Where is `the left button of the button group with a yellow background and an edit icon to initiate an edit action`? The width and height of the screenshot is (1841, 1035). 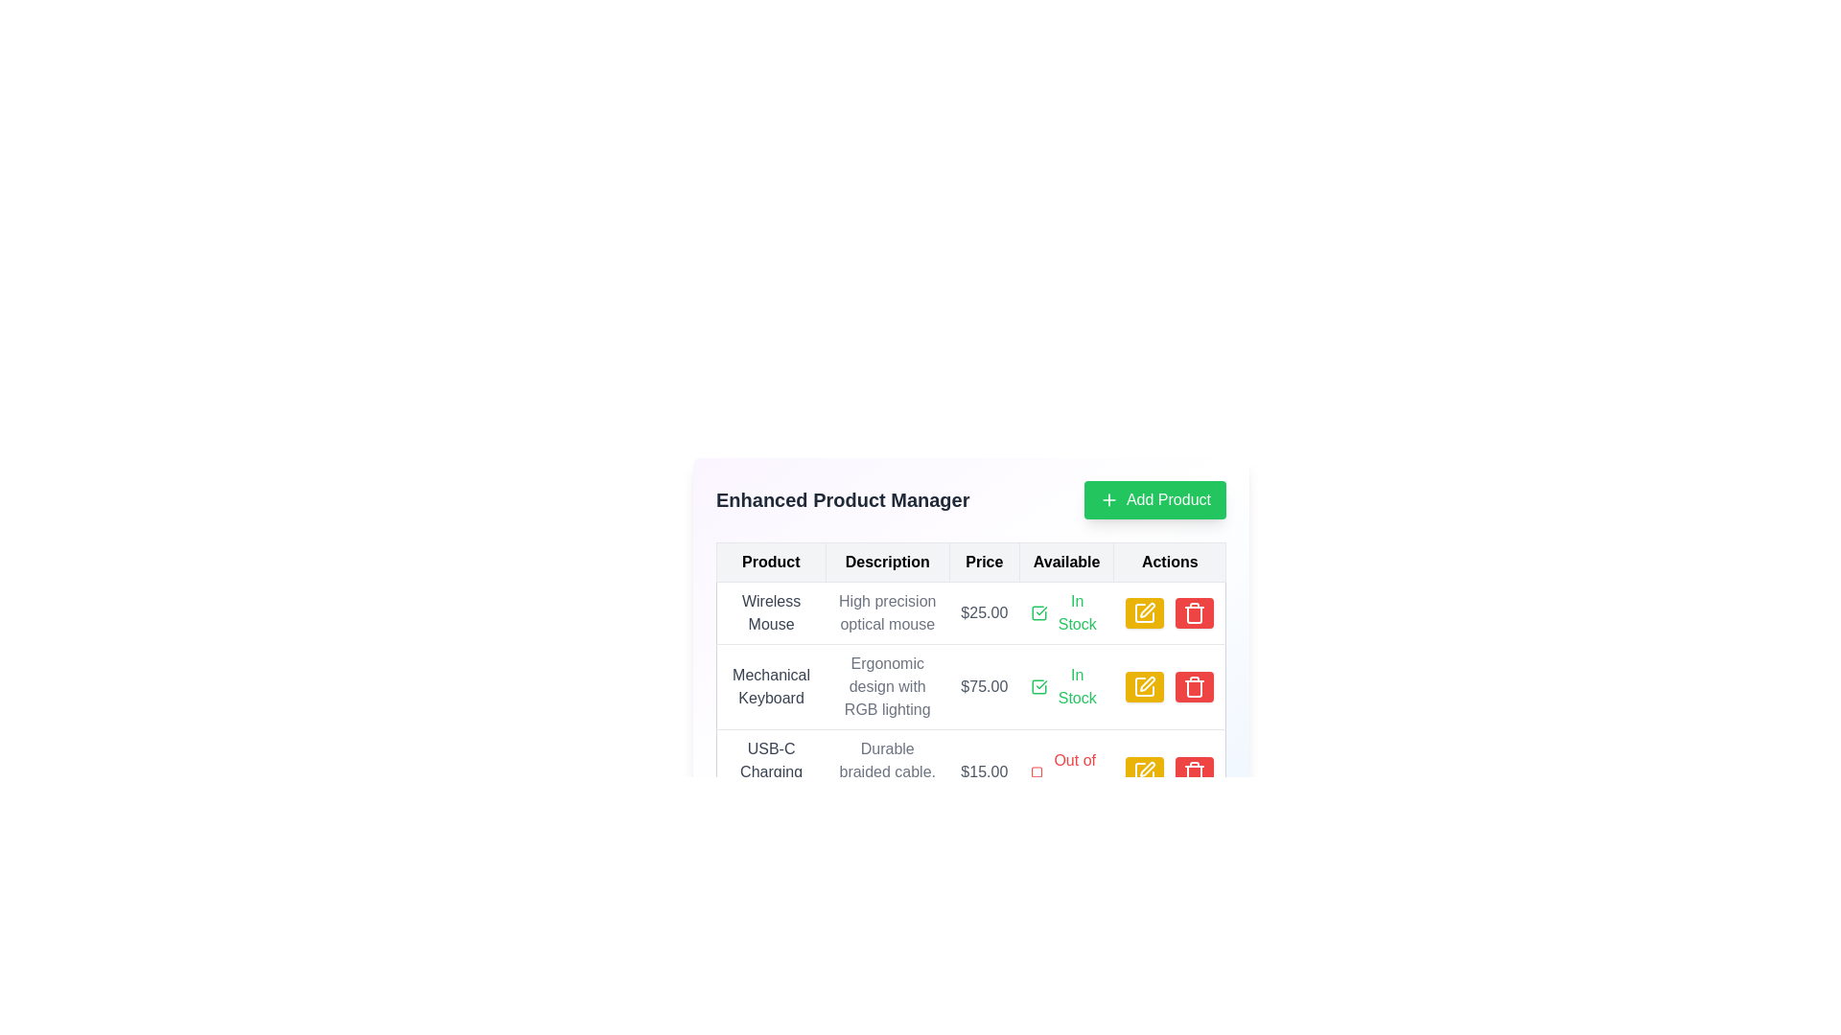
the left button of the button group with a yellow background and an edit icon to initiate an edit action is located at coordinates (1168, 686).